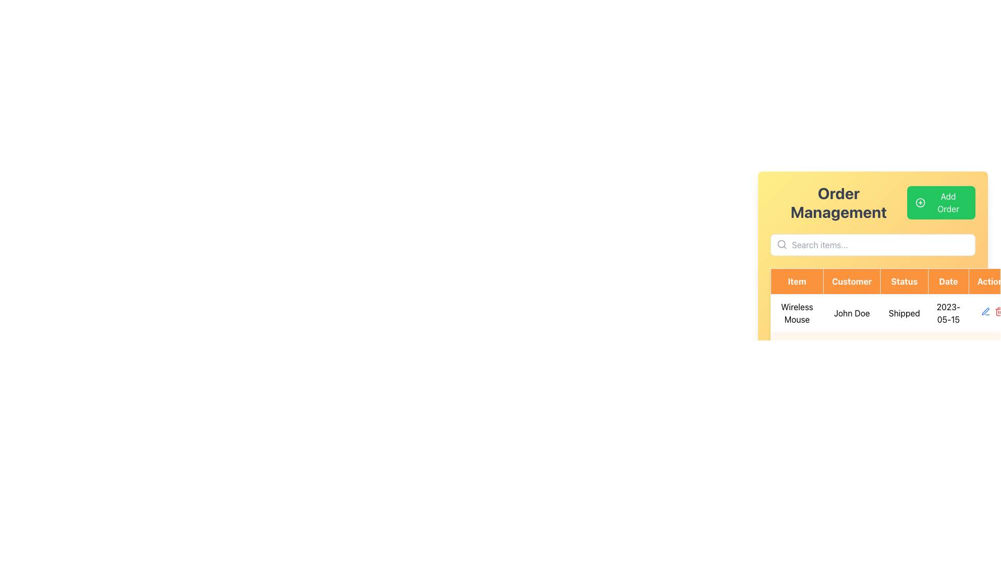  I want to click on the 'Wireless Mouse' text label in the first column of the data table, so click(796, 312).